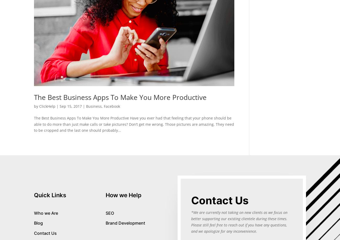  What do you see at coordinates (47, 106) in the screenshot?
I see `'ClickHelp'` at bounding box center [47, 106].